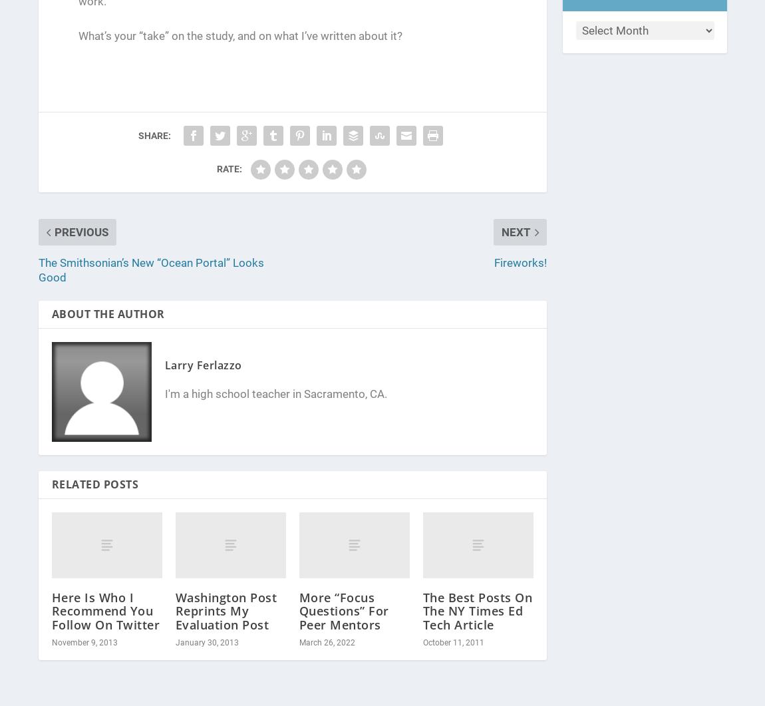 The image size is (765, 706). What do you see at coordinates (51, 484) in the screenshot?
I see `'Related Posts'` at bounding box center [51, 484].